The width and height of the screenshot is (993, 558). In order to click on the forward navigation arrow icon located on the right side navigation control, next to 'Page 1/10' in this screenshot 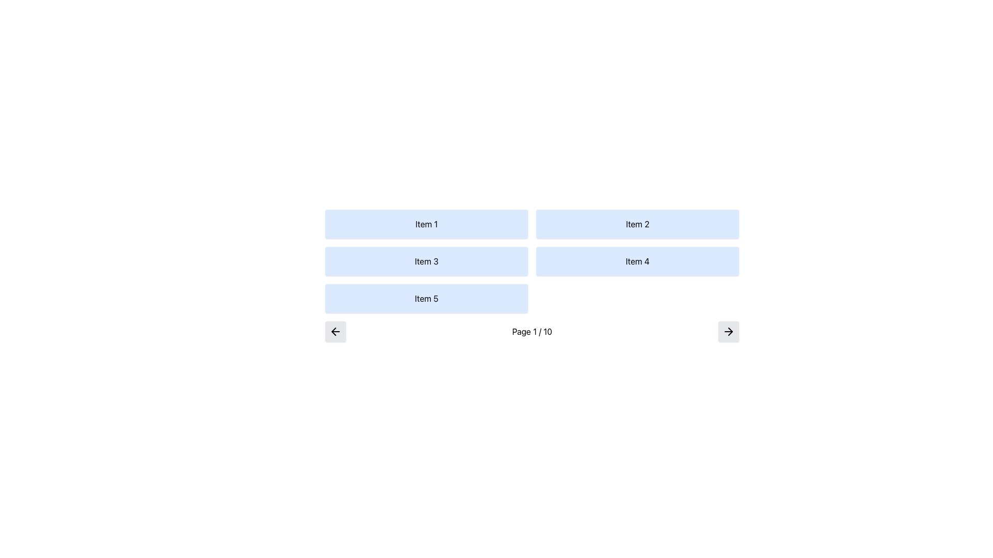, I will do `click(730, 331)`.